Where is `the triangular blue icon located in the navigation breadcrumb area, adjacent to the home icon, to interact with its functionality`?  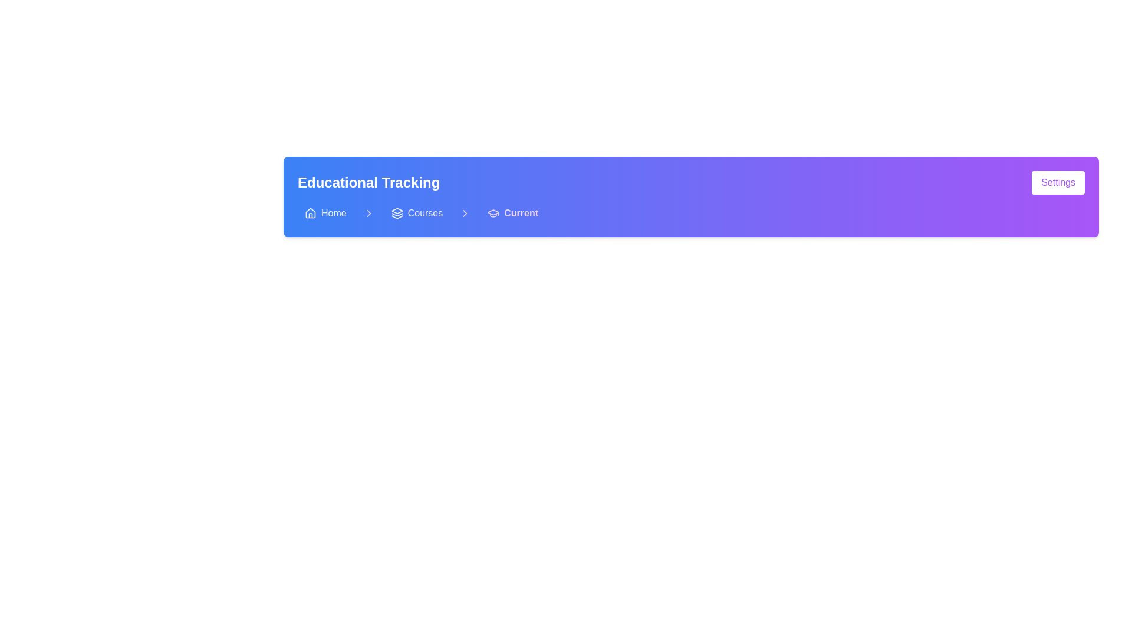 the triangular blue icon located in the navigation breadcrumb area, adjacent to the home icon, to interact with its functionality is located at coordinates (397, 210).